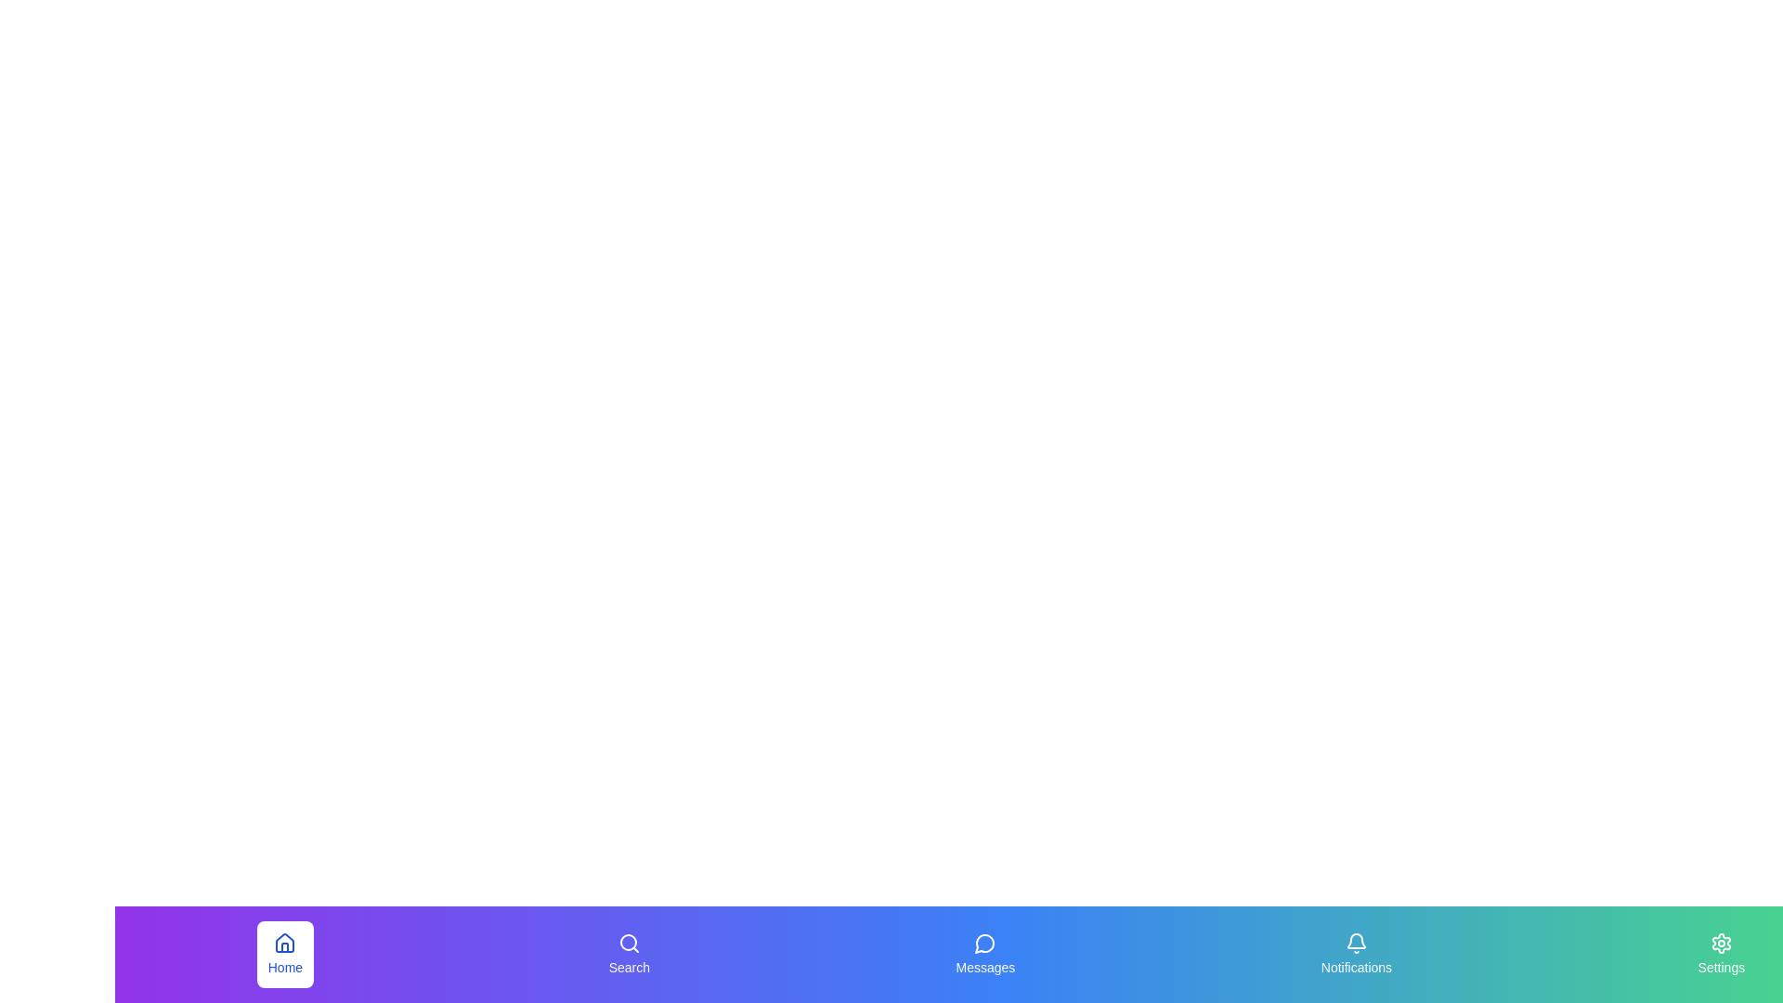 Image resolution: width=1783 pixels, height=1003 pixels. What do you see at coordinates (1720, 955) in the screenshot?
I see `the navigation icon labeled 'Settings'` at bounding box center [1720, 955].